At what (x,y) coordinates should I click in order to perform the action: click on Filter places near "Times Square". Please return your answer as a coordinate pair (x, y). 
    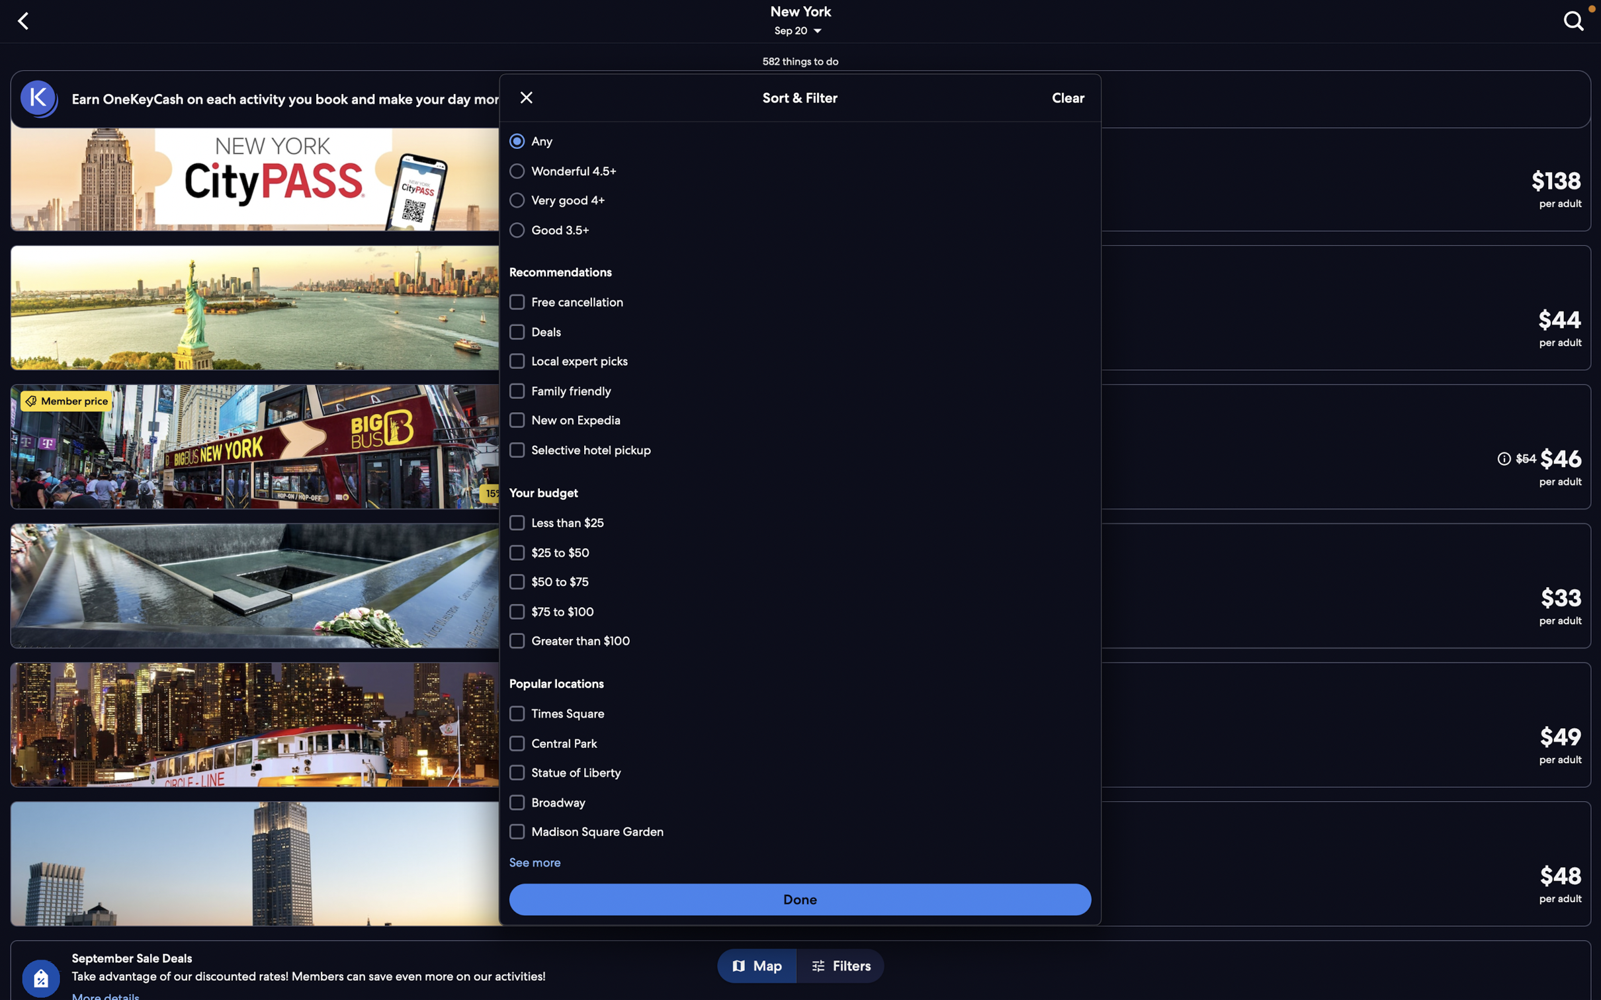
    Looking at the image, I should click on (802, 714).